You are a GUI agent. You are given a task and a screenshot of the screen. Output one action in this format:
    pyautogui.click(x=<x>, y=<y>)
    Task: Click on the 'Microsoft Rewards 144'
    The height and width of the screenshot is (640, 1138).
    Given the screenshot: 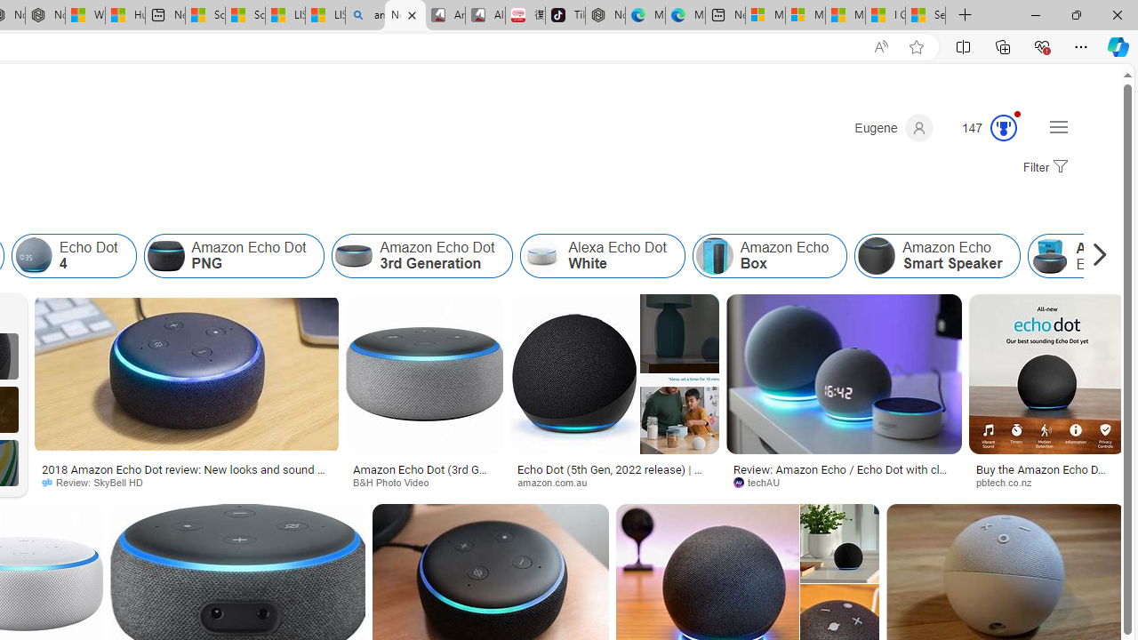 What is the action you would take?
    pyautogui.click(x=982, y=127)
    